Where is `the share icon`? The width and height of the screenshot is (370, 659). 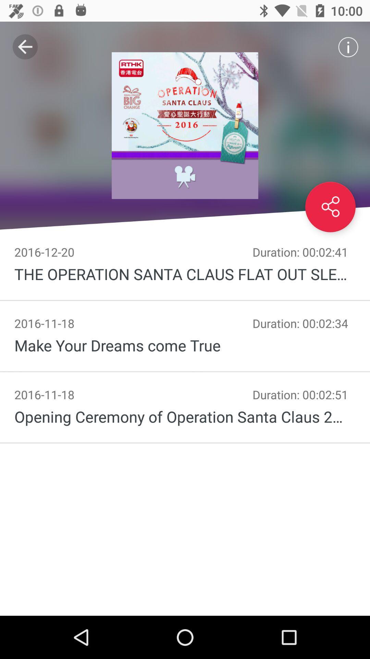 the share icon is located at coordinates (330, 207).